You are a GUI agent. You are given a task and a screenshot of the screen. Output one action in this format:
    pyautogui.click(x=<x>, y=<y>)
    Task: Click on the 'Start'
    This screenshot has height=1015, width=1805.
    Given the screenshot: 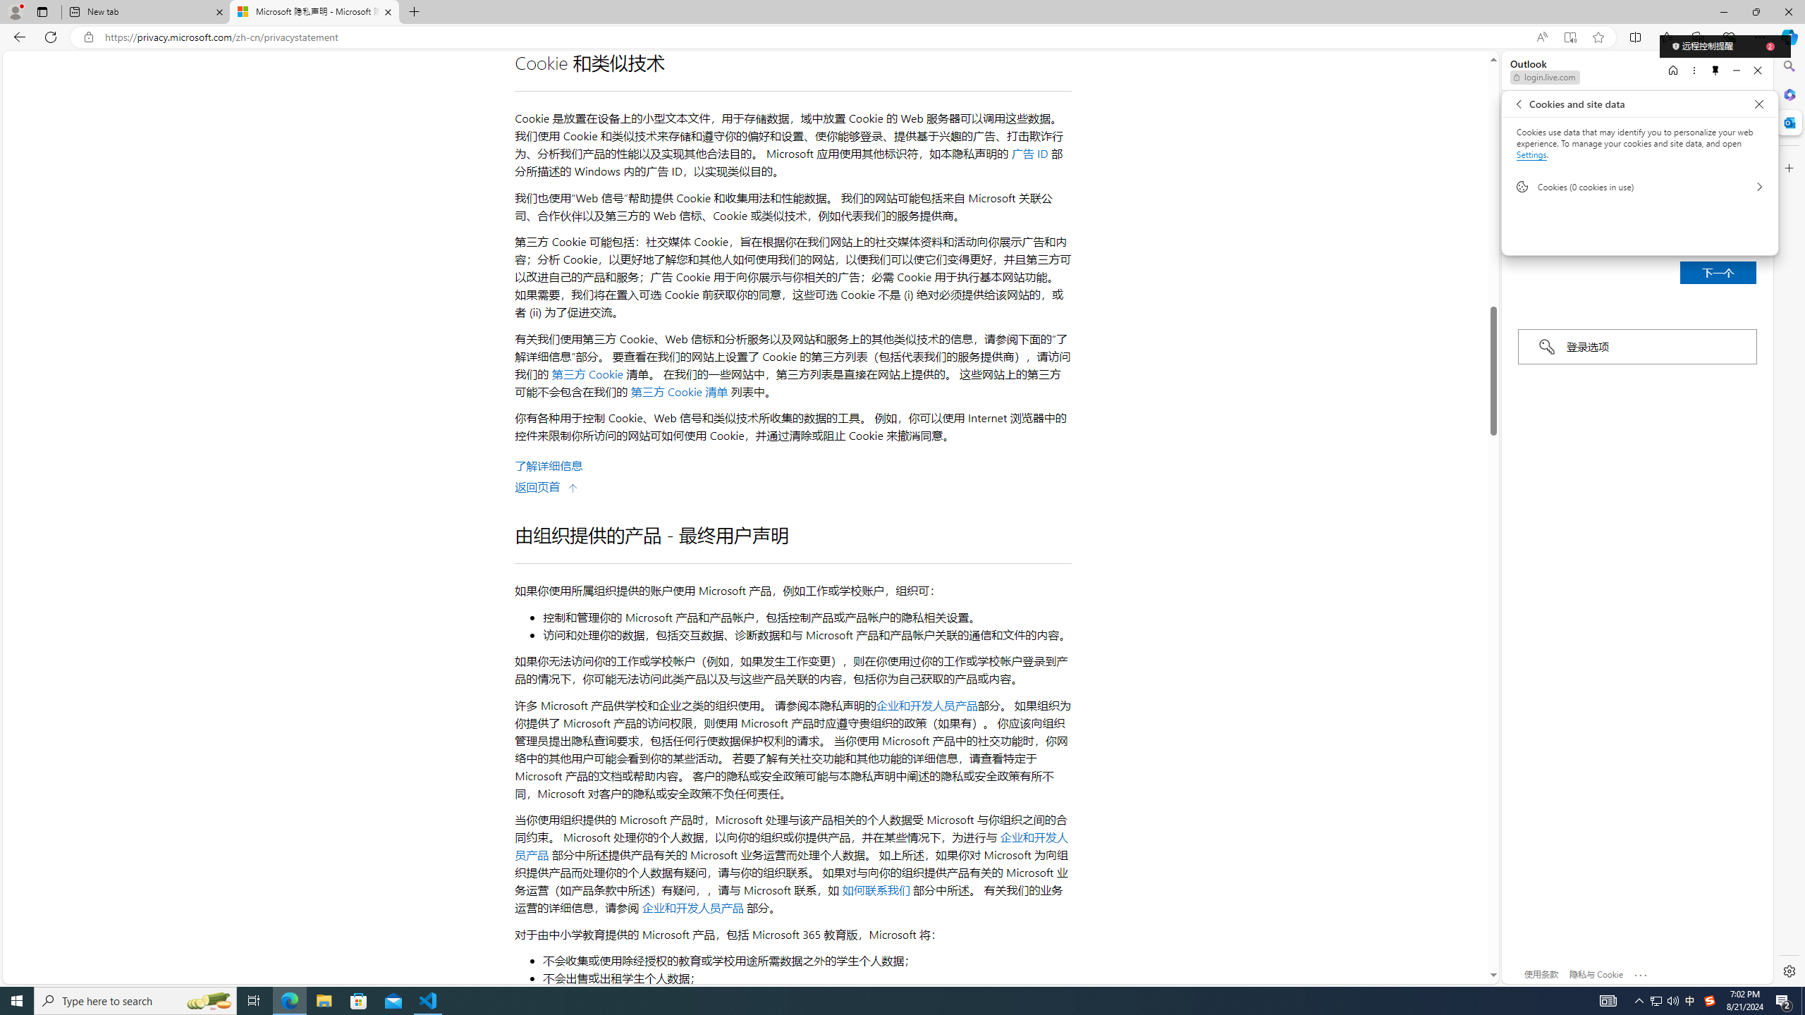 What is the action you would take?
    pyautogui.click(x=17, y=999)
    